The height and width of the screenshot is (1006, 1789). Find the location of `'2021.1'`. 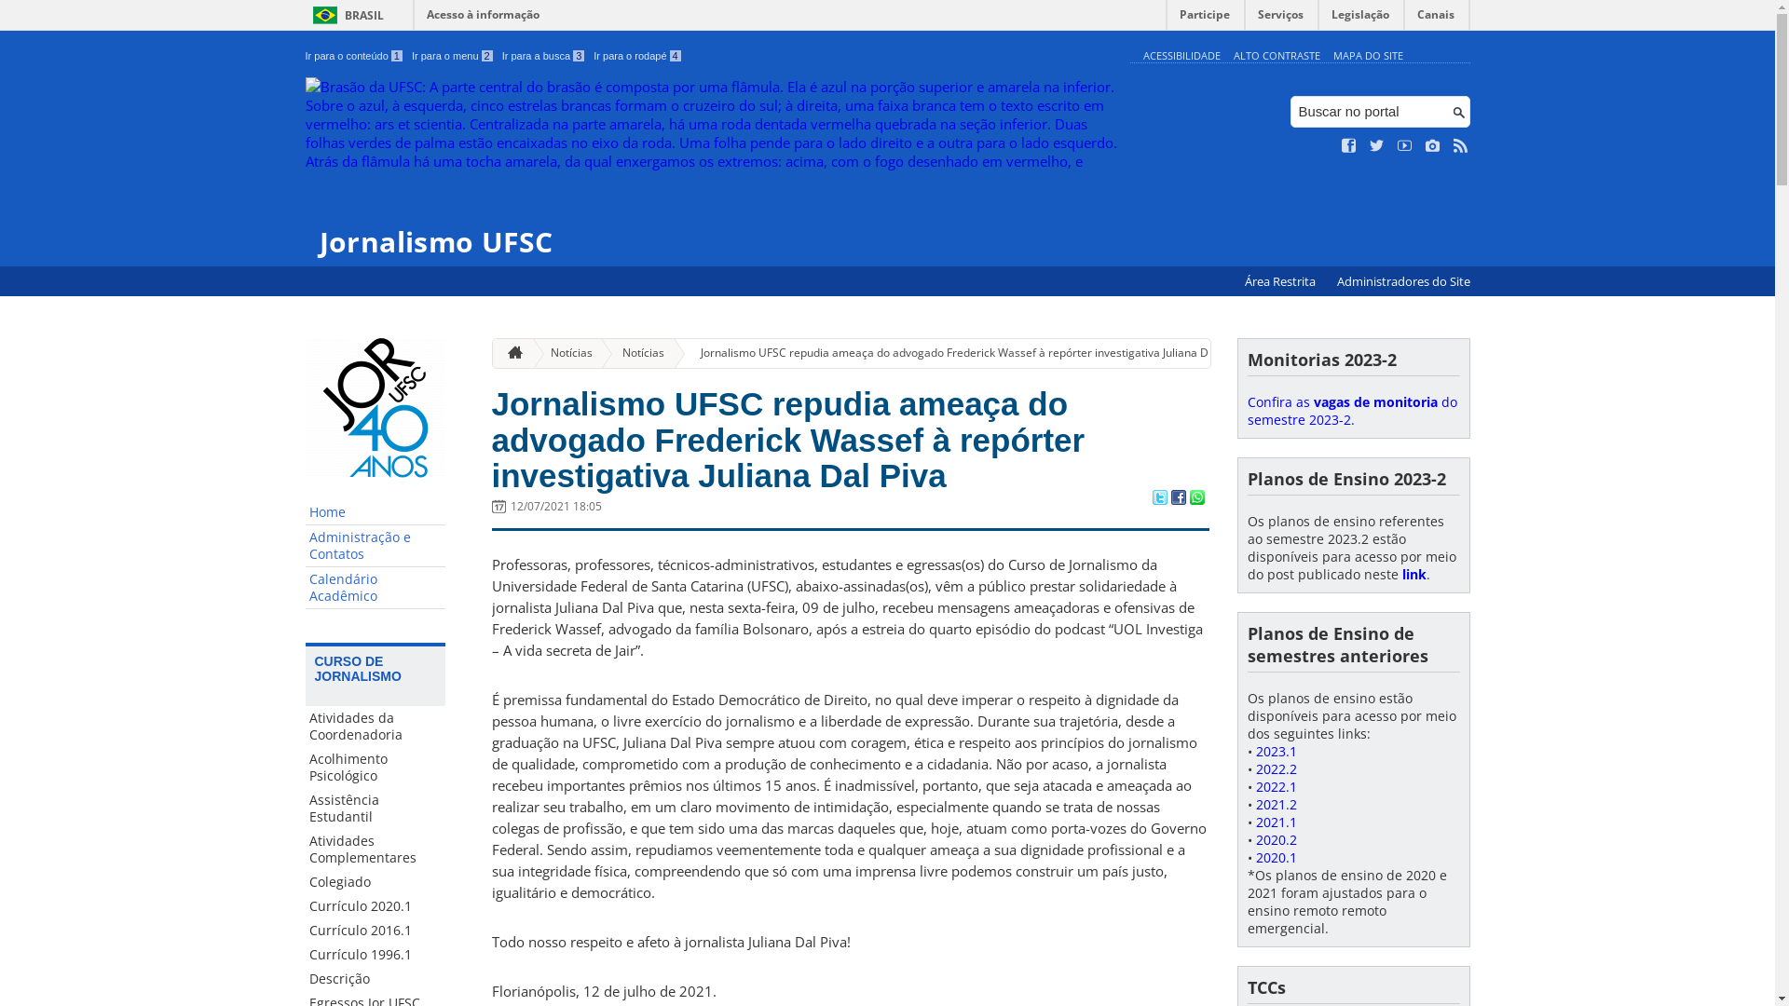

'2021.1' is located at coordinates (1275, 821).